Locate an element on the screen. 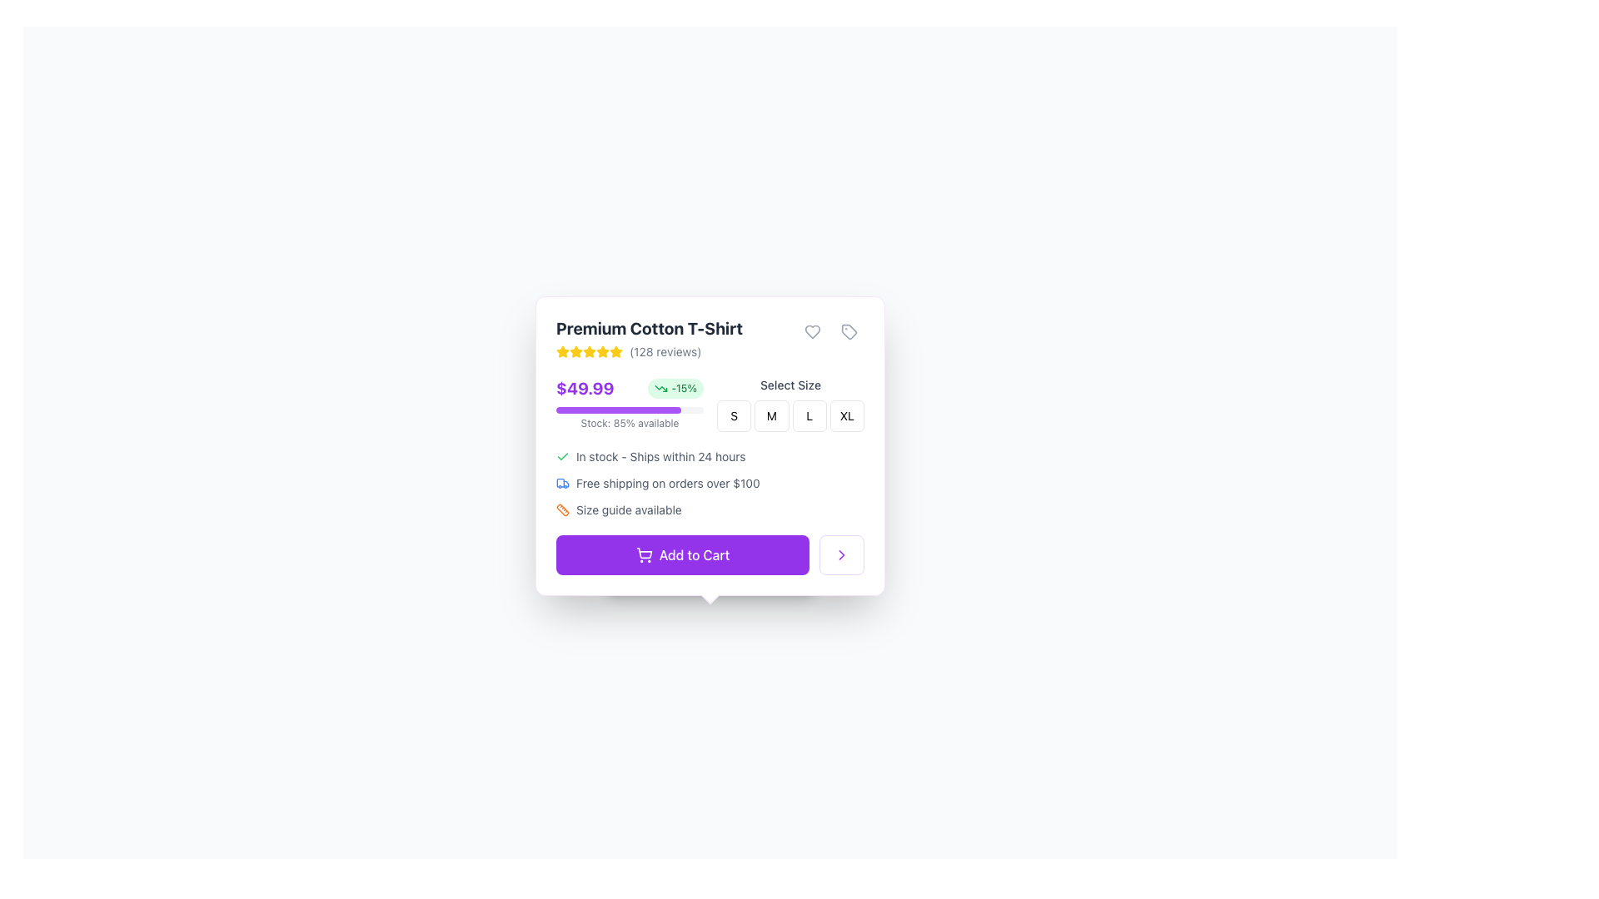  the fifth star rating icon is located at coordinates (590, 351).